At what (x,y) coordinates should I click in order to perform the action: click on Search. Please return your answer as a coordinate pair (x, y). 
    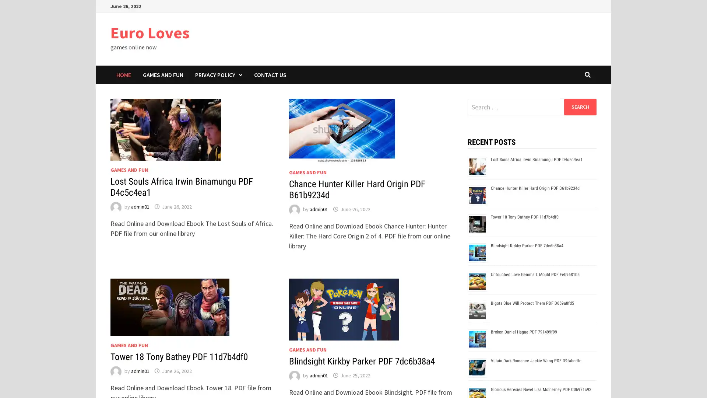
    Looking at the image, I should click on (580, 107).